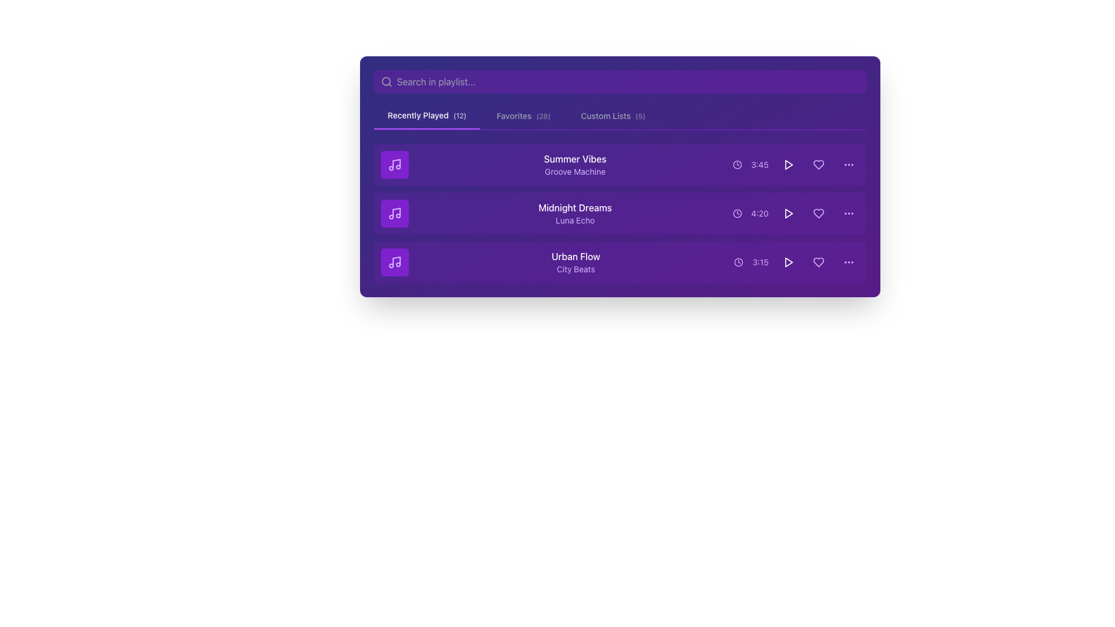  What do you see at coordinates (736, 165) in the screenshot?
I see `the icon representing the time duration of the song 'Summer Vibes'` at bounding box center [736, 165].